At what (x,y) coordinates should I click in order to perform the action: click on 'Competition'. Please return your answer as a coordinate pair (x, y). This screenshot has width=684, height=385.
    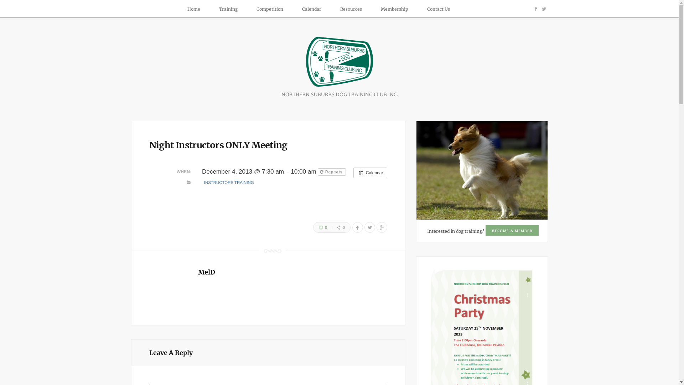
    Looking at the image, I should click on (250, 9).